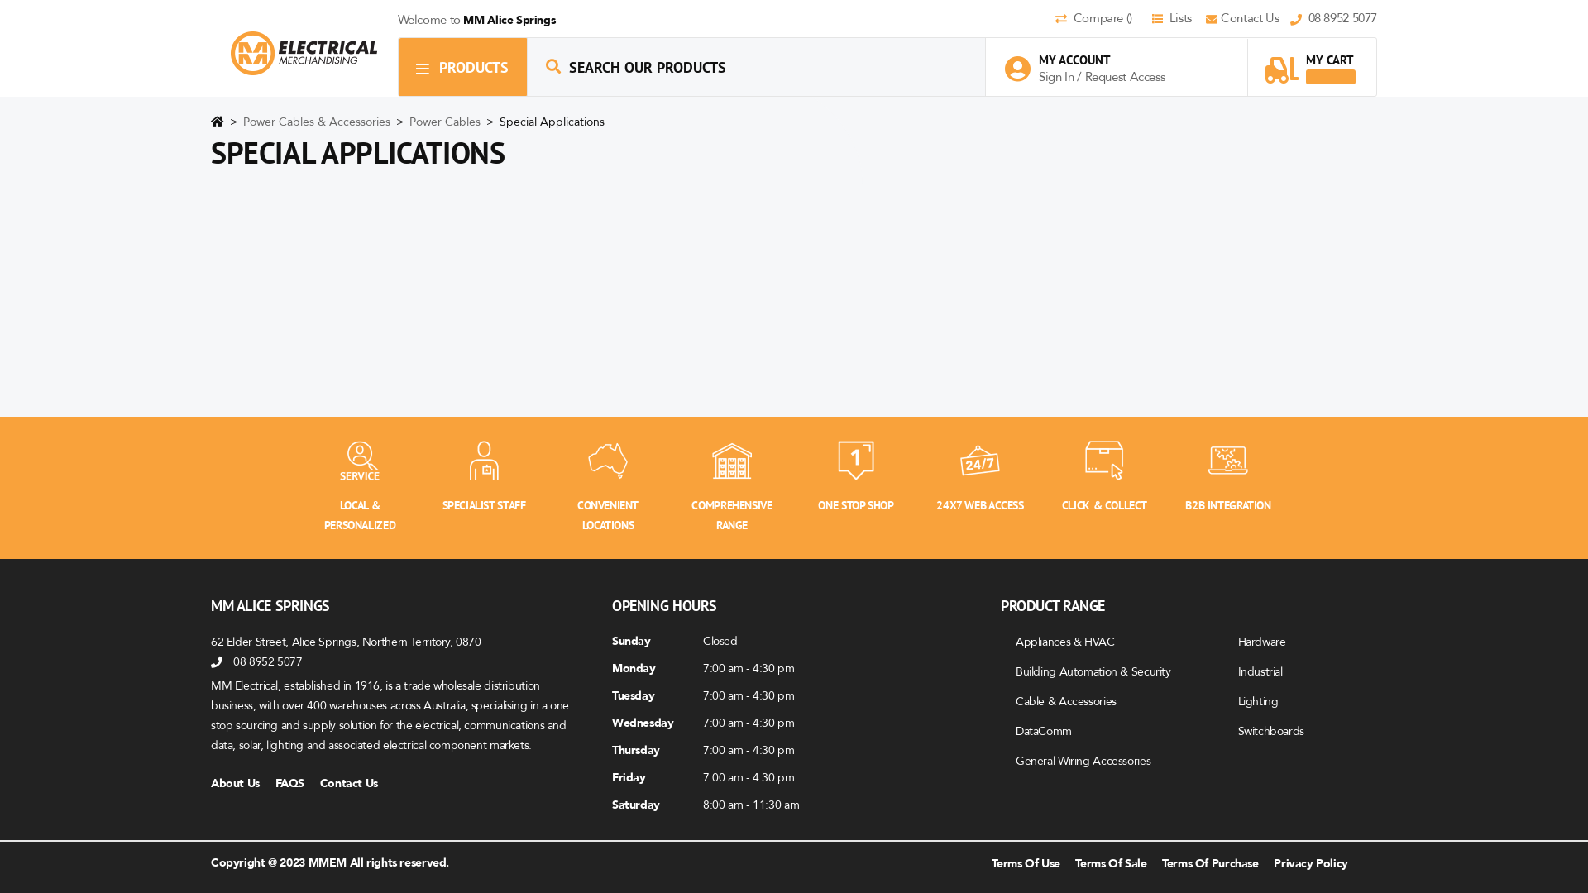 The height and width of the screenshot is (893, 1588). Describe the element at coordinates (1055, 19) in the screenshot. I see `'Compare'` at that location.